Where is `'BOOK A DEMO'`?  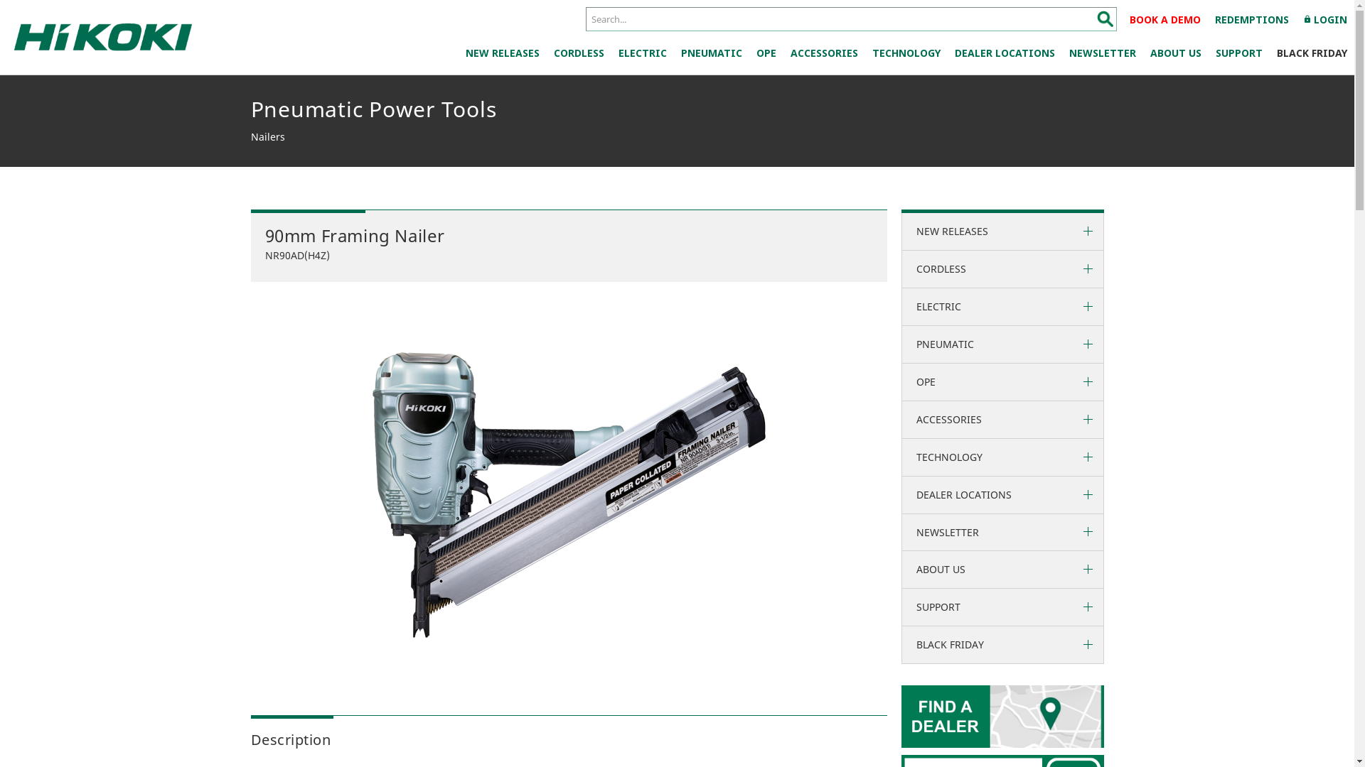
'BOOK A DEMO' is located at coordinates (1165, 19).